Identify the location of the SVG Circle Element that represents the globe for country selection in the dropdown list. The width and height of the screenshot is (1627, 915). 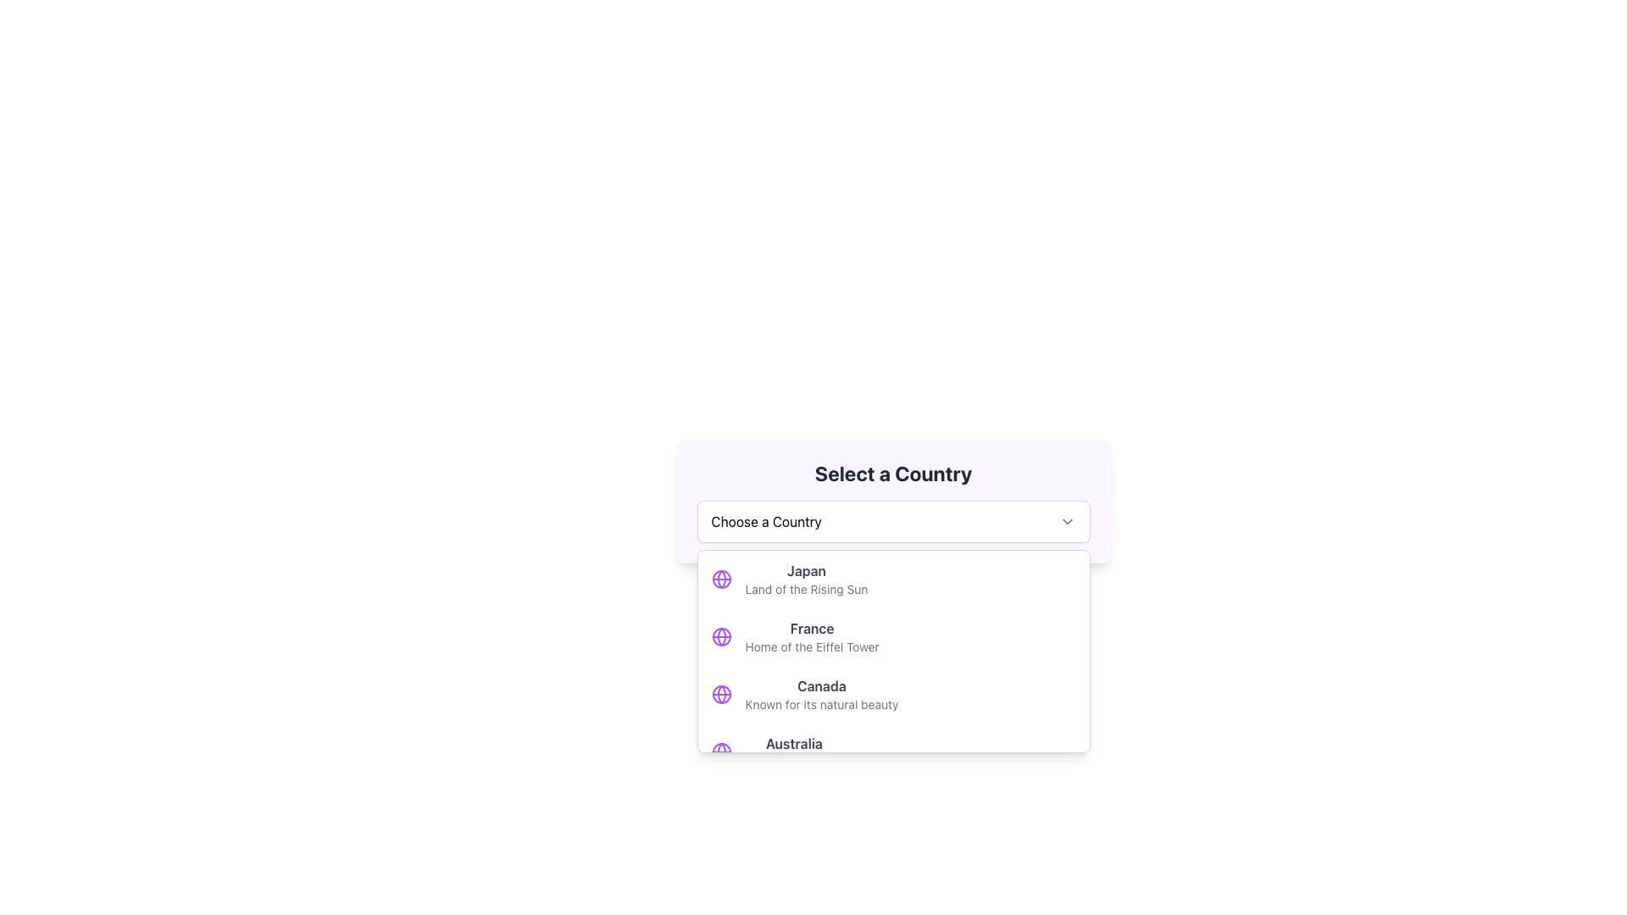
(721, 637).